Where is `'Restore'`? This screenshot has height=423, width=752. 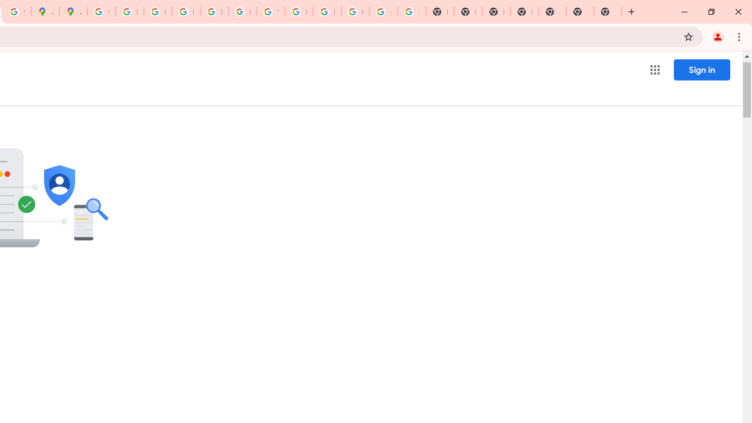 'Restore' is located at coordinates (710, 12).